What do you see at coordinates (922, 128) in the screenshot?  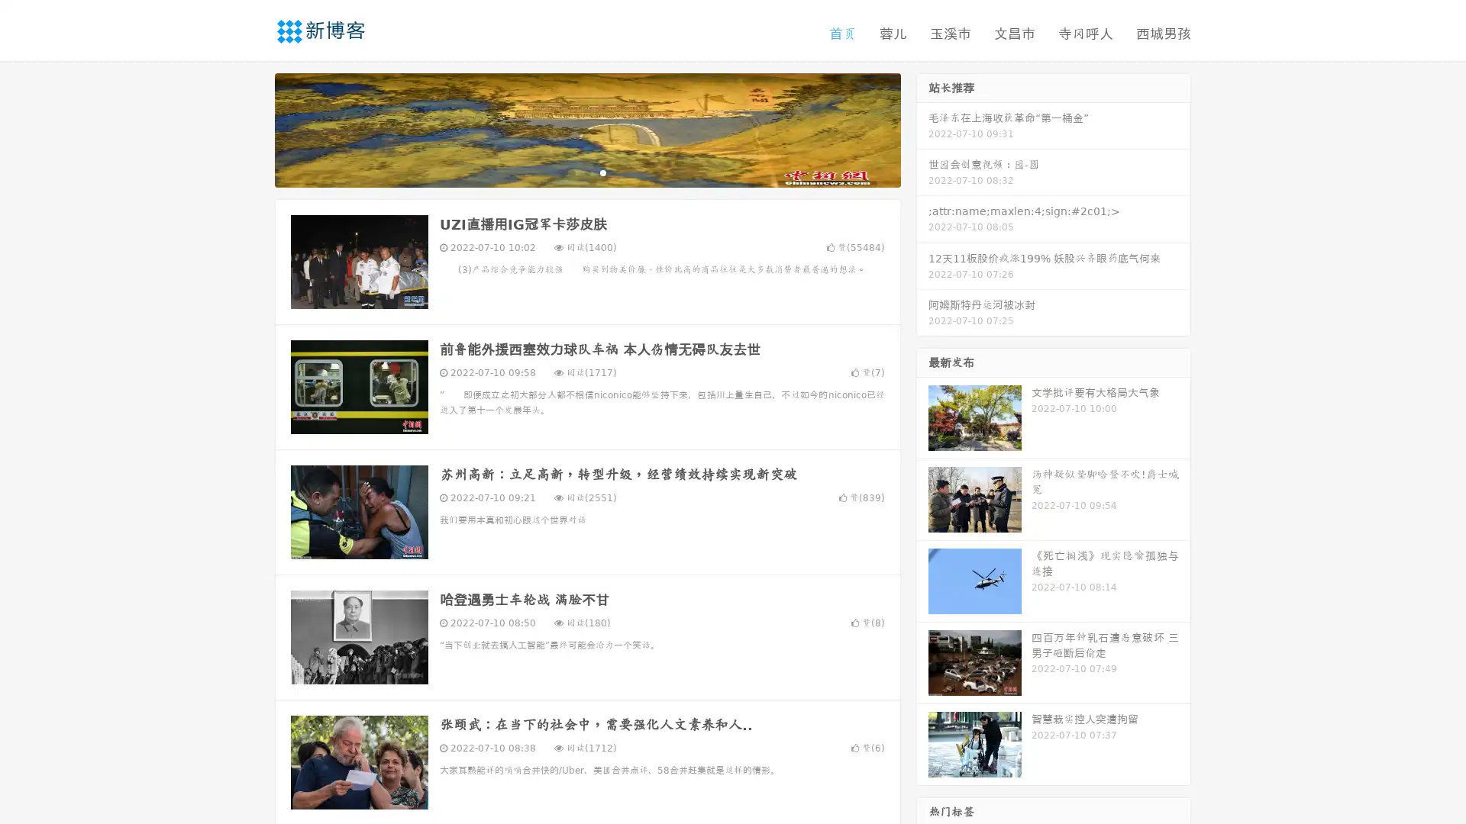 I see `Next slide` at bounding box center [922, 128].